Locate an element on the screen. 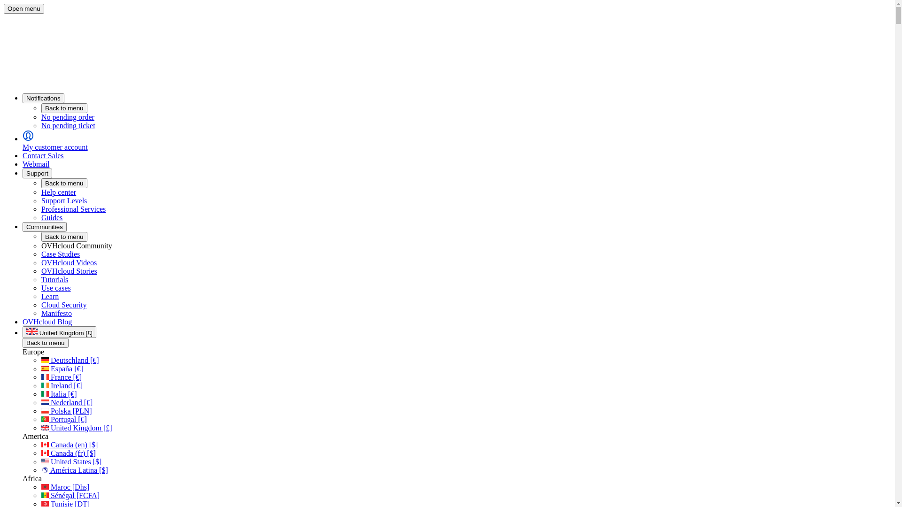 The width and height of the screenshot is (902, 507). 'Cloud Security' is located at coordinates (40, 305).